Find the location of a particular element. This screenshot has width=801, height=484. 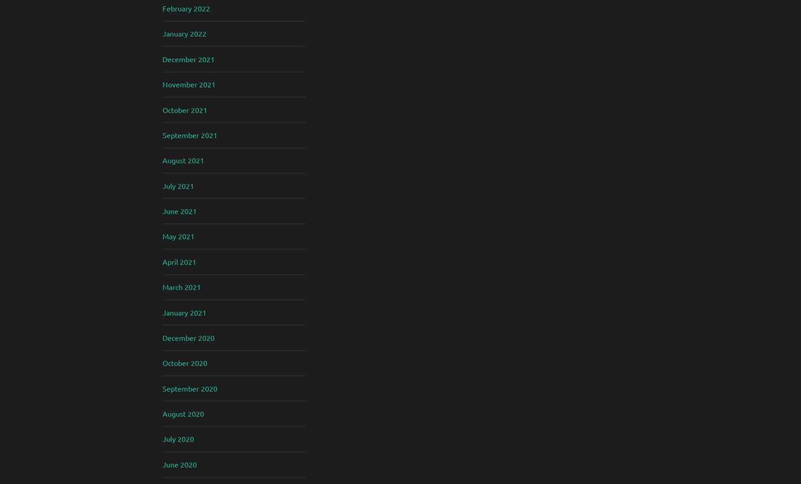

'January 2021' is located at coordinates (162, 311).